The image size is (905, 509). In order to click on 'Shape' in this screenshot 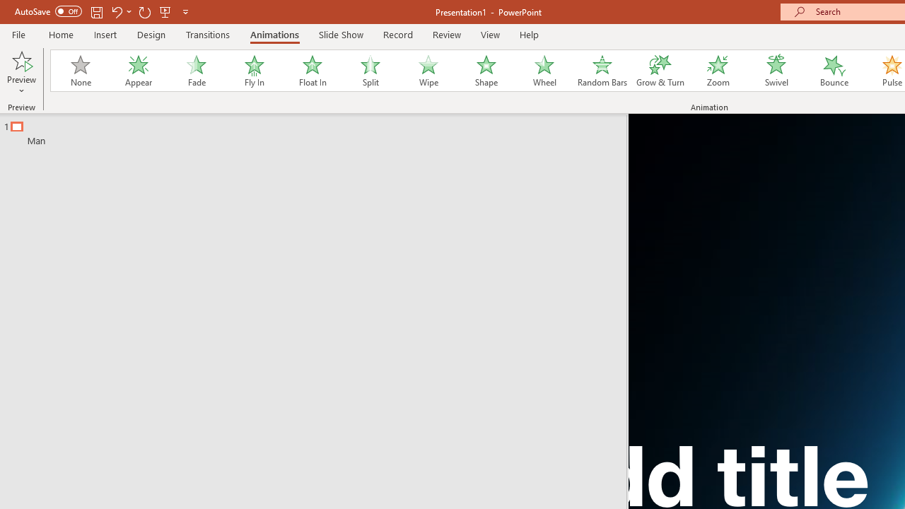, I will do `click(486, 71)`.